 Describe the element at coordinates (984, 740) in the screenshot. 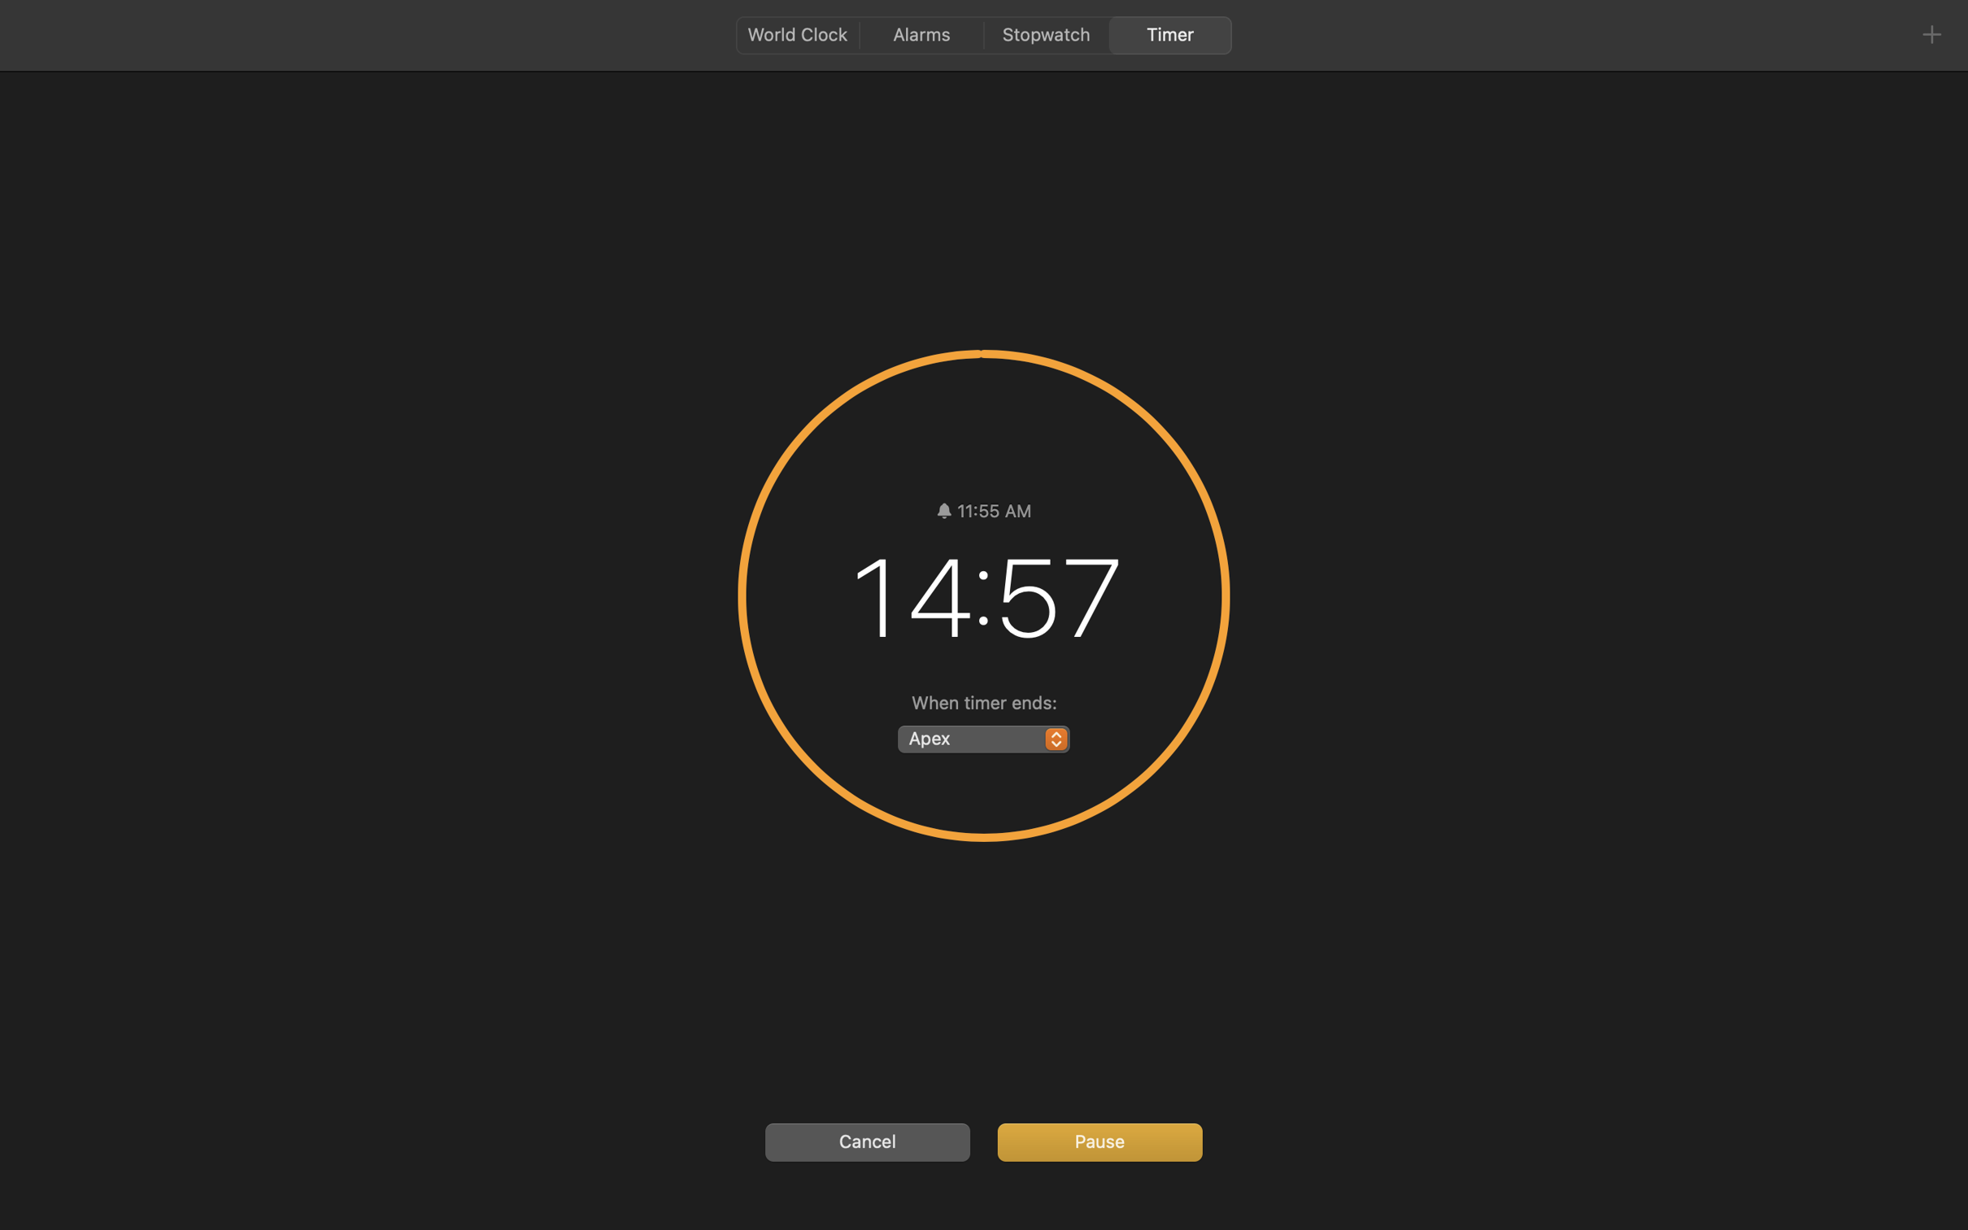

I see `'Apex'` at that location.